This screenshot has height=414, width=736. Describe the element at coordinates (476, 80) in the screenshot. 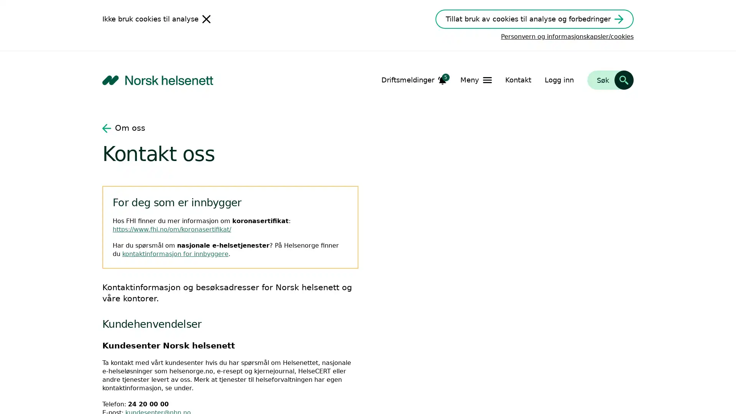

I see `Apne Meny` at that location.